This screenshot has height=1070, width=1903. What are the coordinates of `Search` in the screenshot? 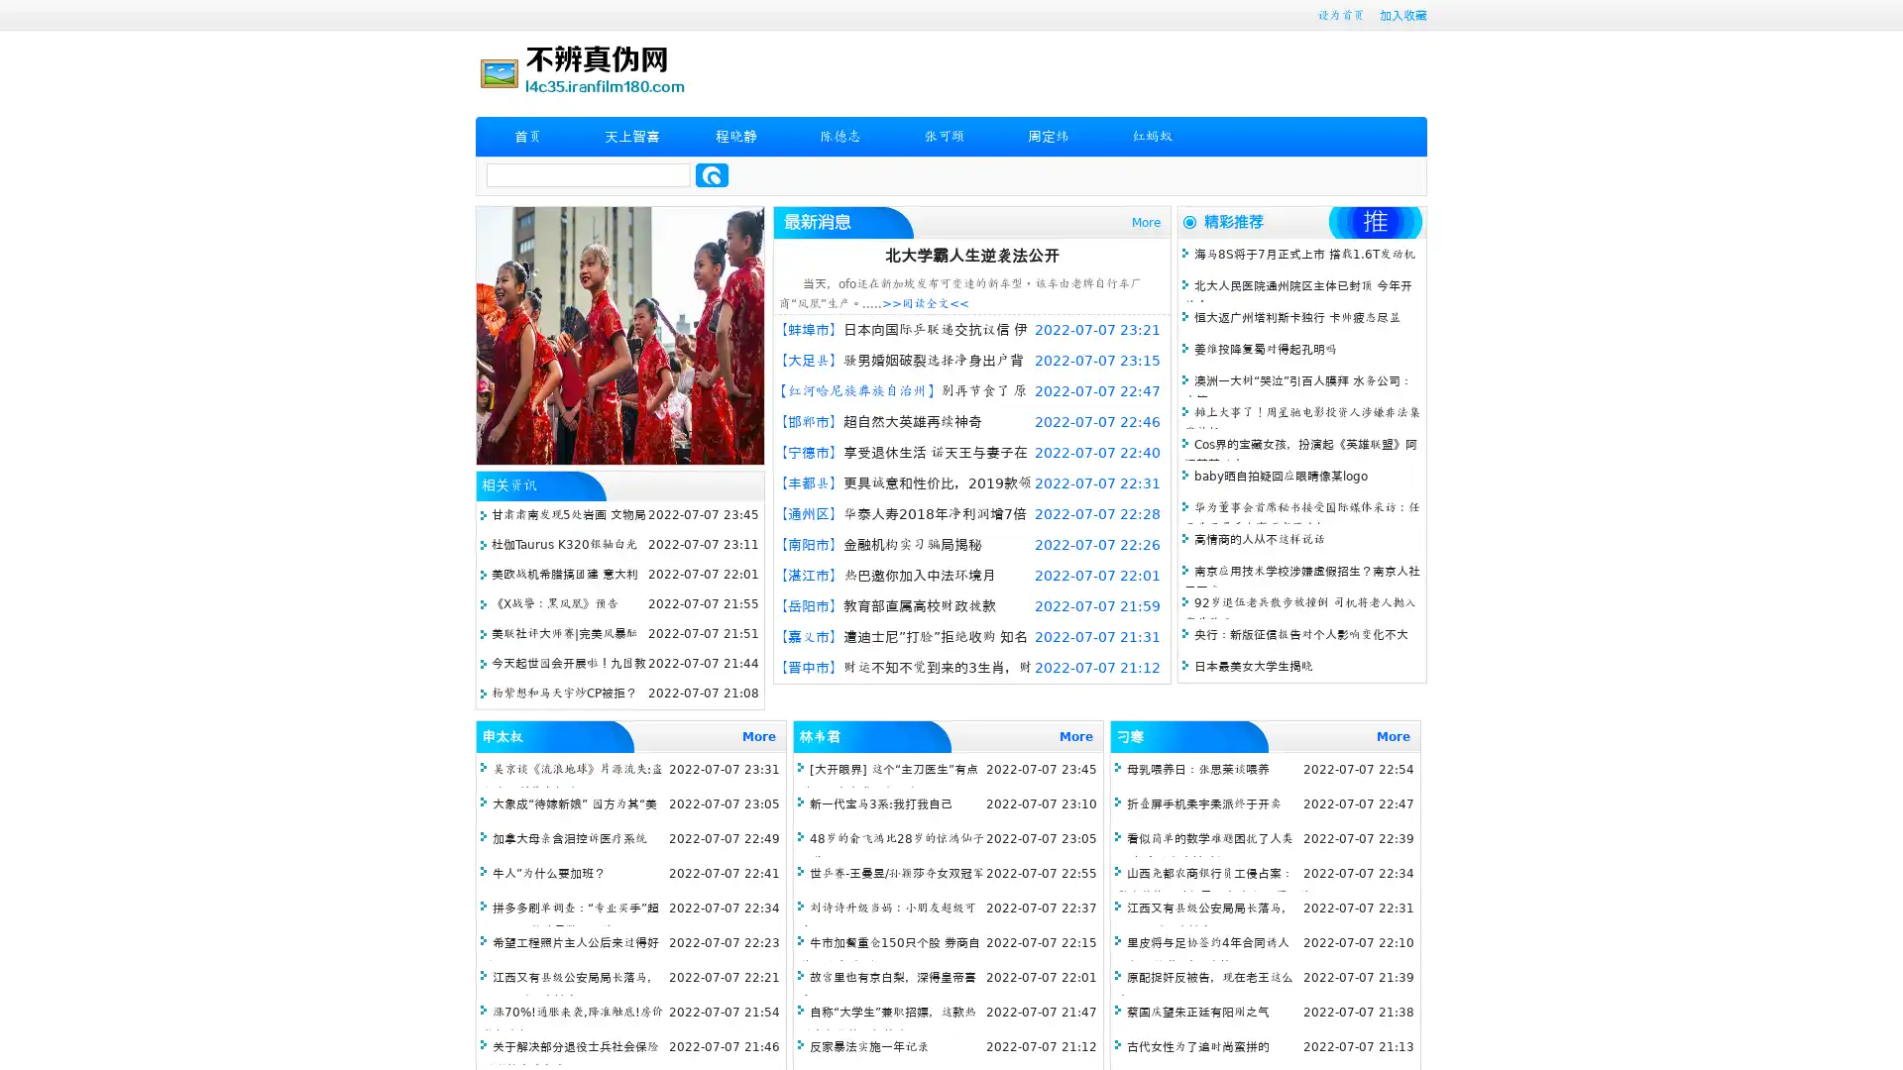 It's located at (712, 174).